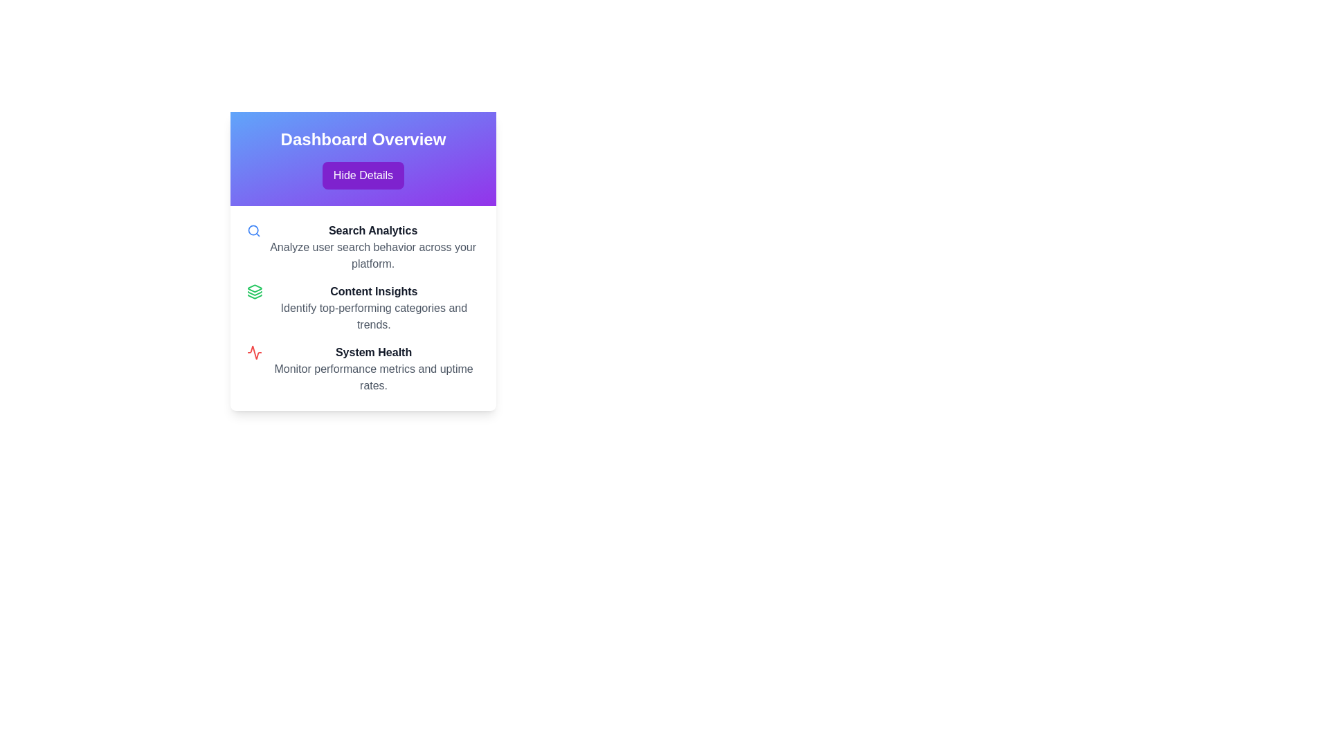 The image size is (1329, 747). I want to click on the 'Hide Details' button located in the header of the card component, which has a gradient background and contains the text 'Dashboard Overview', so click(363, 158).